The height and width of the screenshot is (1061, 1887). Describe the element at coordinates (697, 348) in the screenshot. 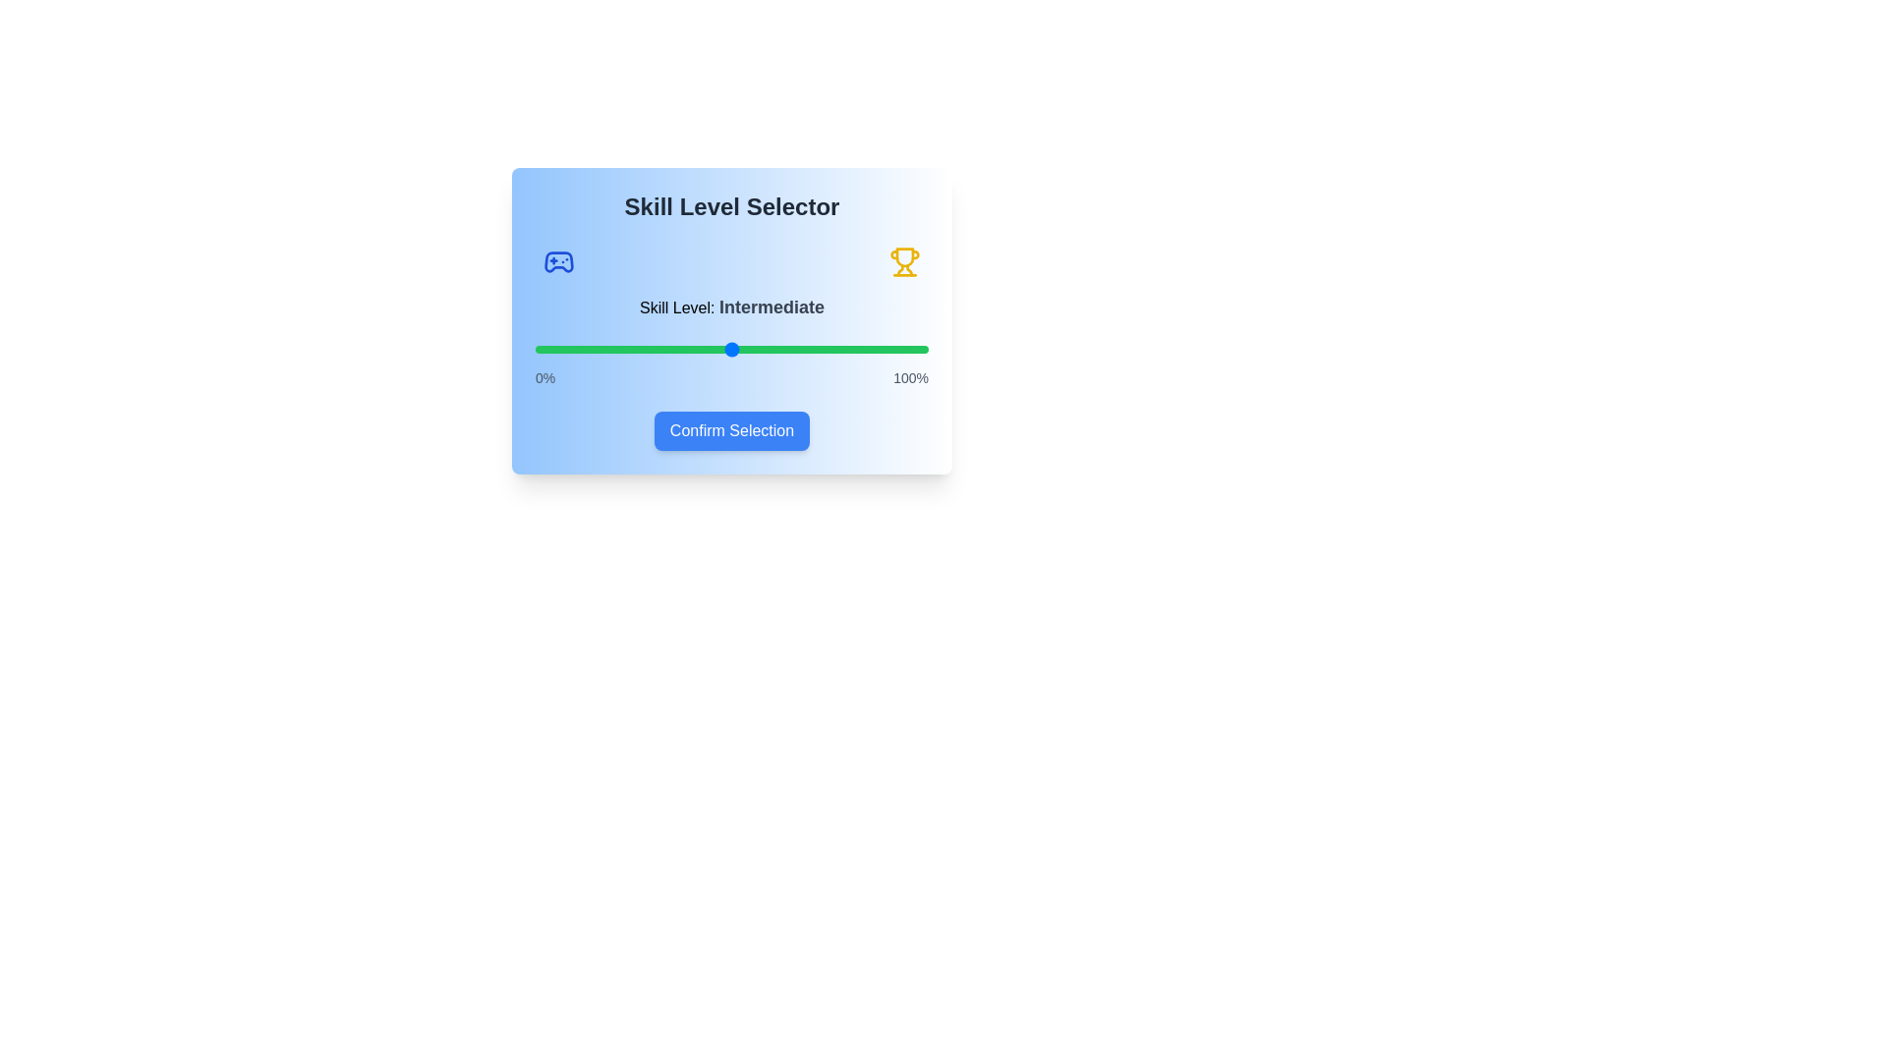

I see `the skill level slider to 41%, where 41 is a value between 0 and 100` at that location.